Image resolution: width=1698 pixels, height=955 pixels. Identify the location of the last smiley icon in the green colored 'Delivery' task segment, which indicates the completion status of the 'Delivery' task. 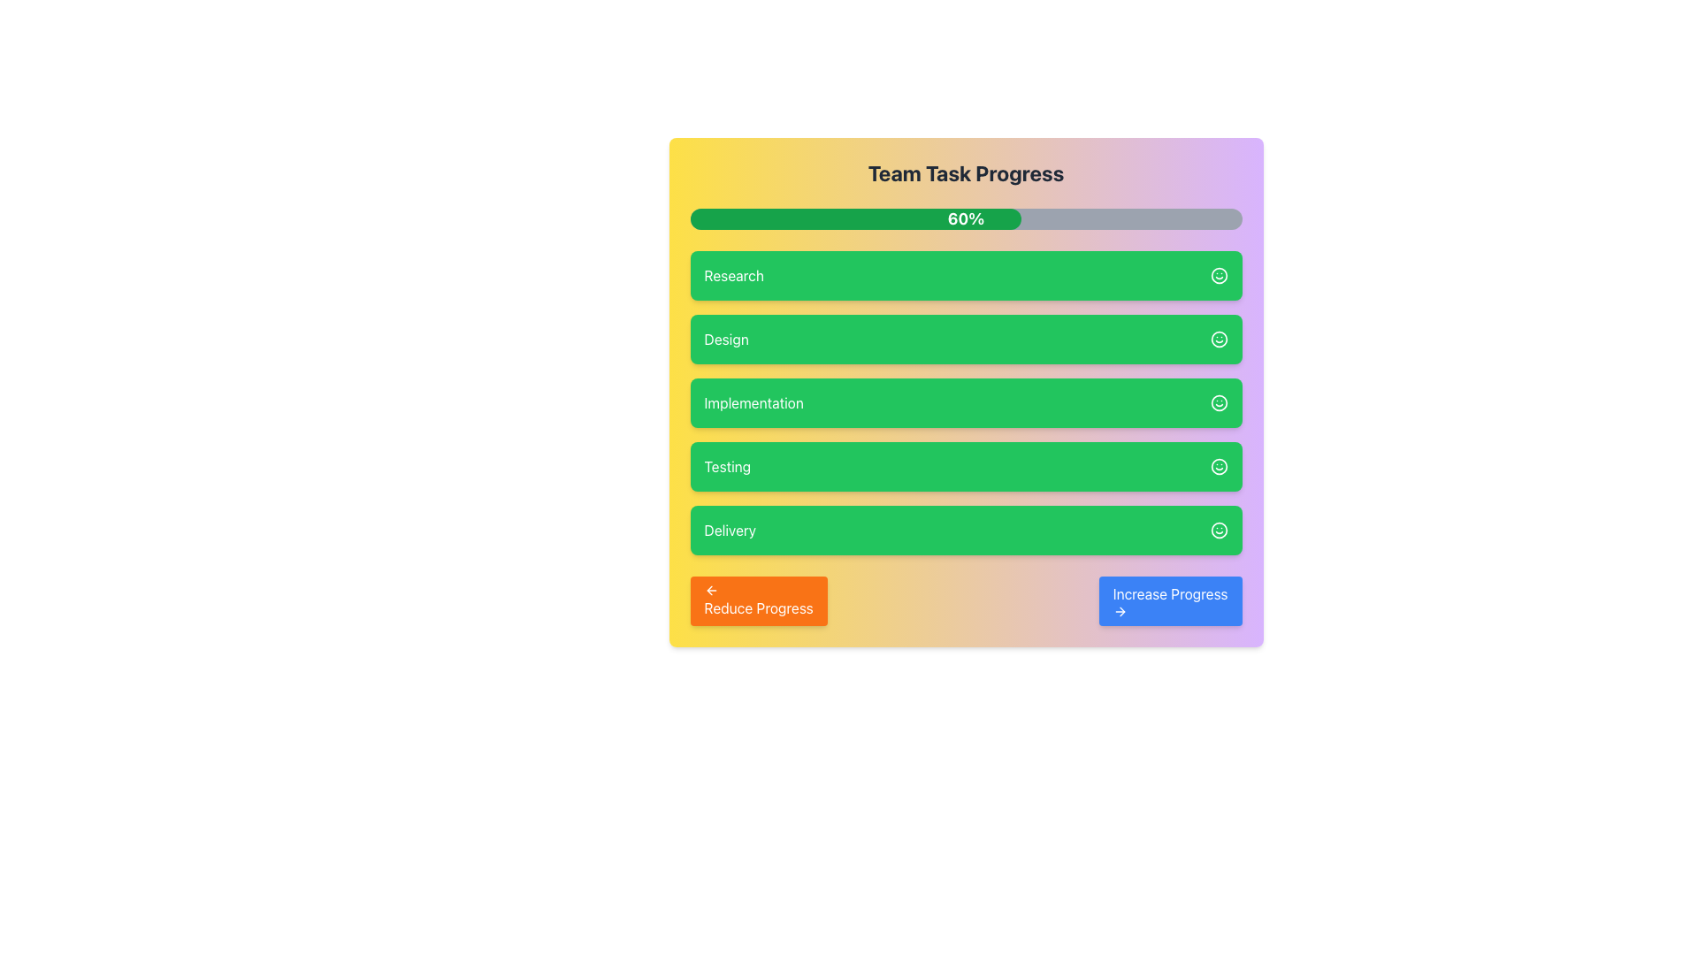
(1218, 530).